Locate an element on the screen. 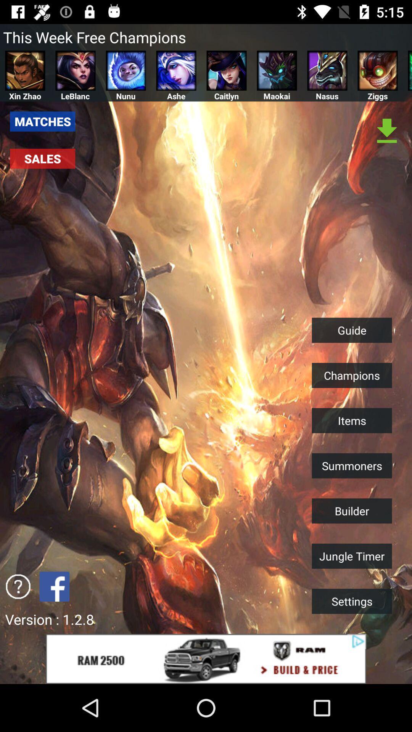  download content is located at coordinates (387, 132).